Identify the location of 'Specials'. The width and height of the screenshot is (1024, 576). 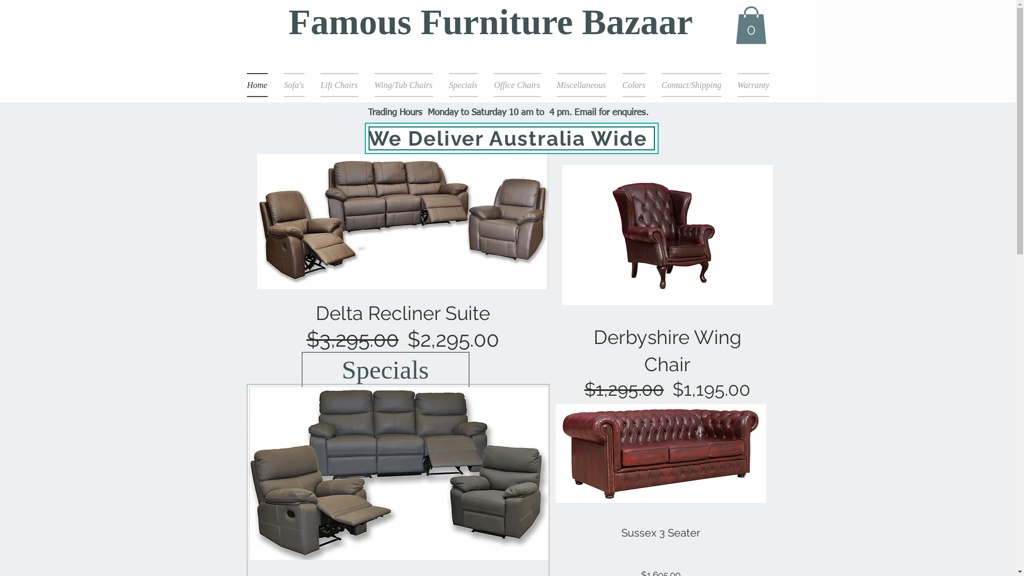
(385, 370).